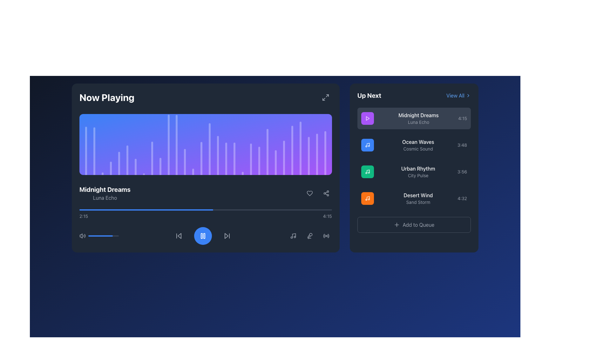  Describe the element at coordinates (418, 149) in the screenshot. I see `text label displaying 'Cosmic Sound' located below 'Ocean Waves' in the 'Up Next' section of the interface` at that location.